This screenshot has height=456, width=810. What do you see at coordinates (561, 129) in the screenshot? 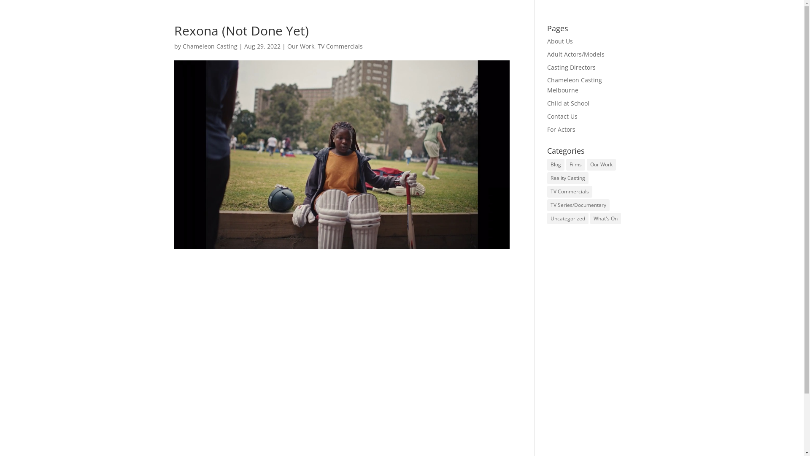
I see `'For Actors'` at bounding box center [561, 129].